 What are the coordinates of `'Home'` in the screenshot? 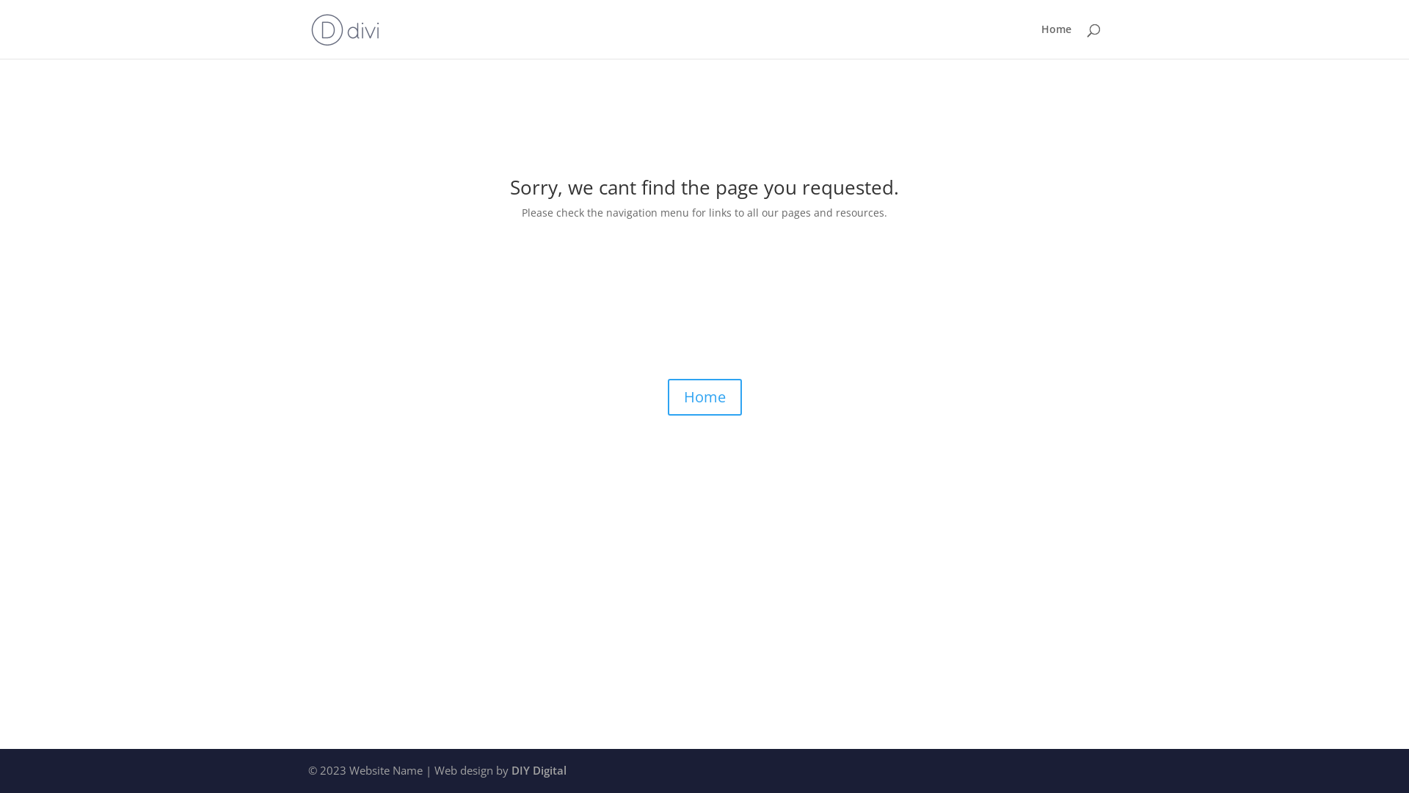 It's located at (1055, 40).